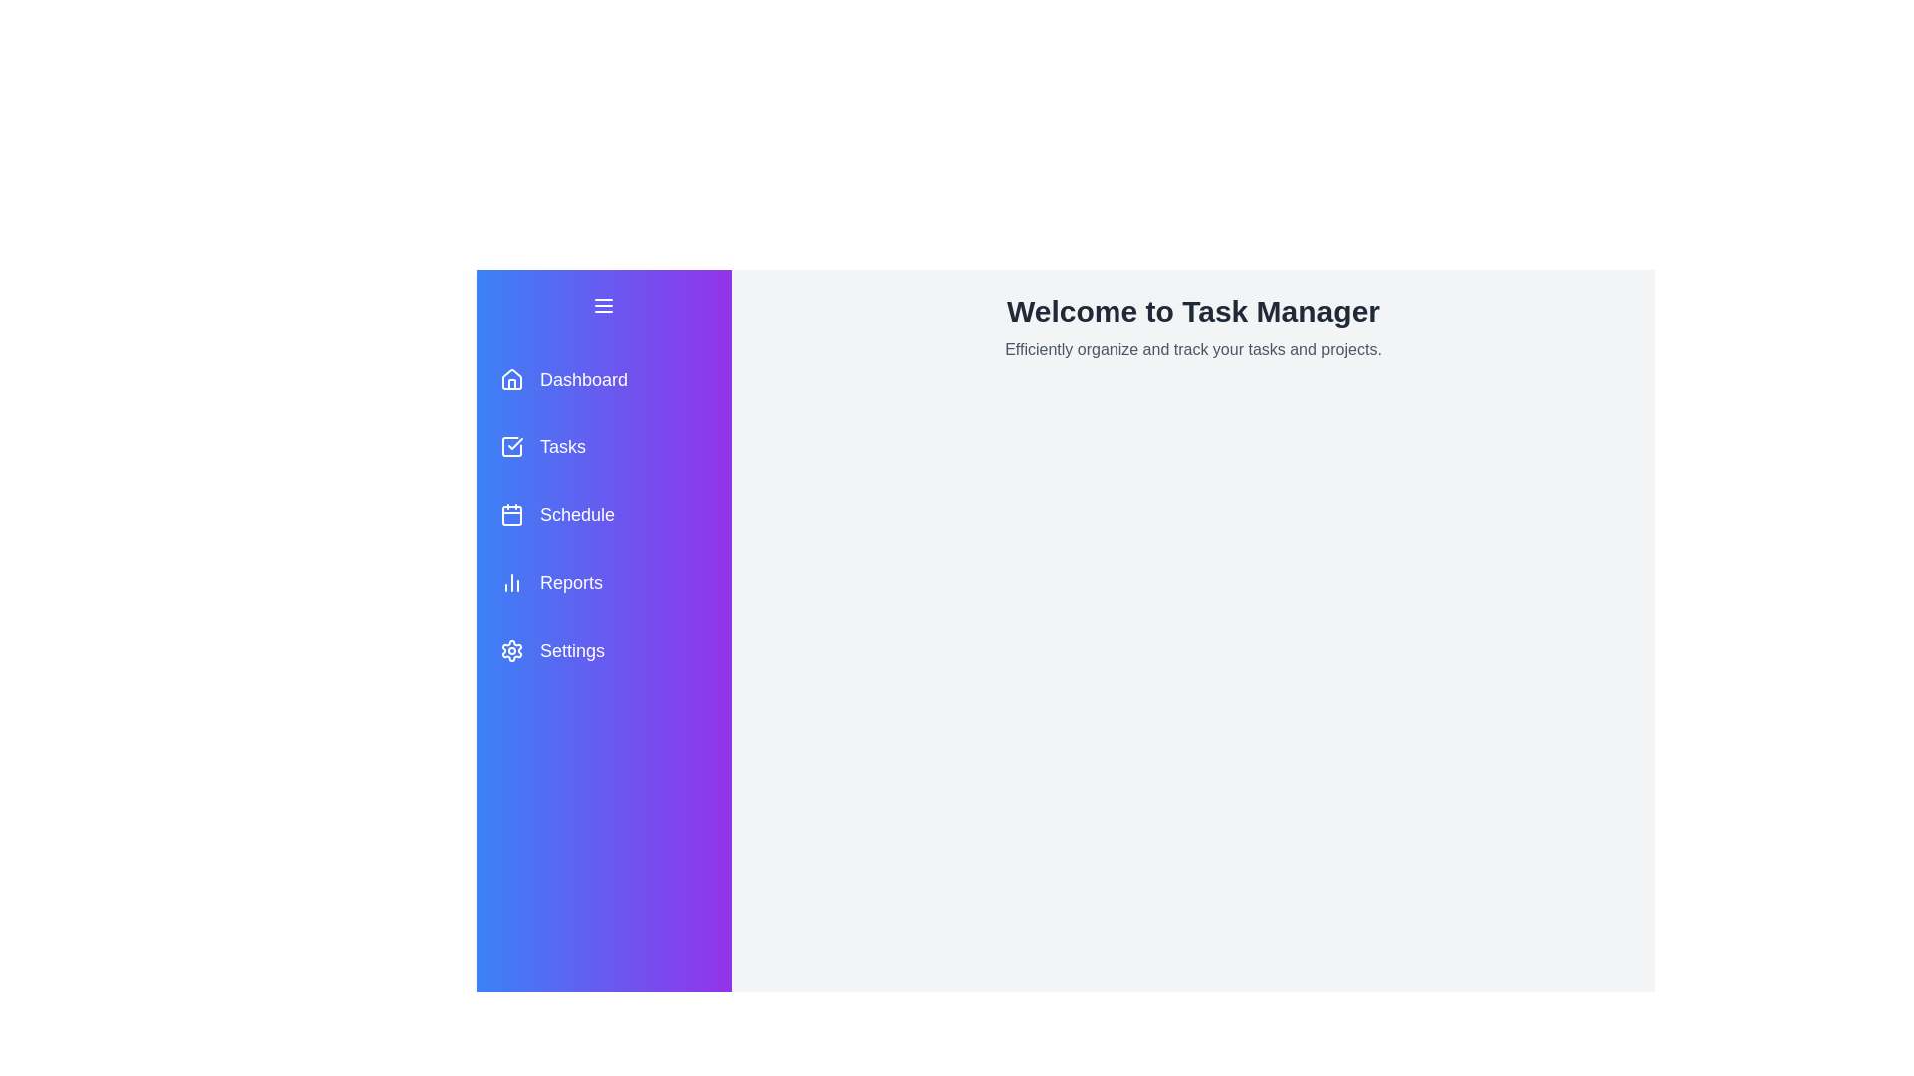 Image resolution: width=1914 pixels, height=1076 pixels. Describe the element at coordinates (602, 650) in the screenshot. I see `the menu item labeled Settings` at that location.